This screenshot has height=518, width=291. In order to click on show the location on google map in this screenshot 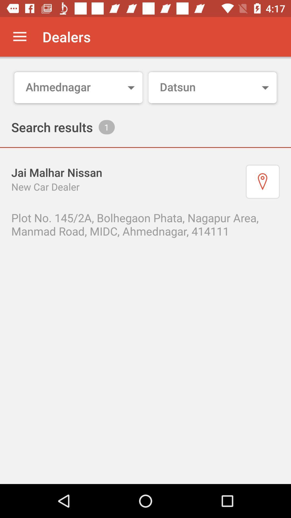, I will do `click(262, 182)`.